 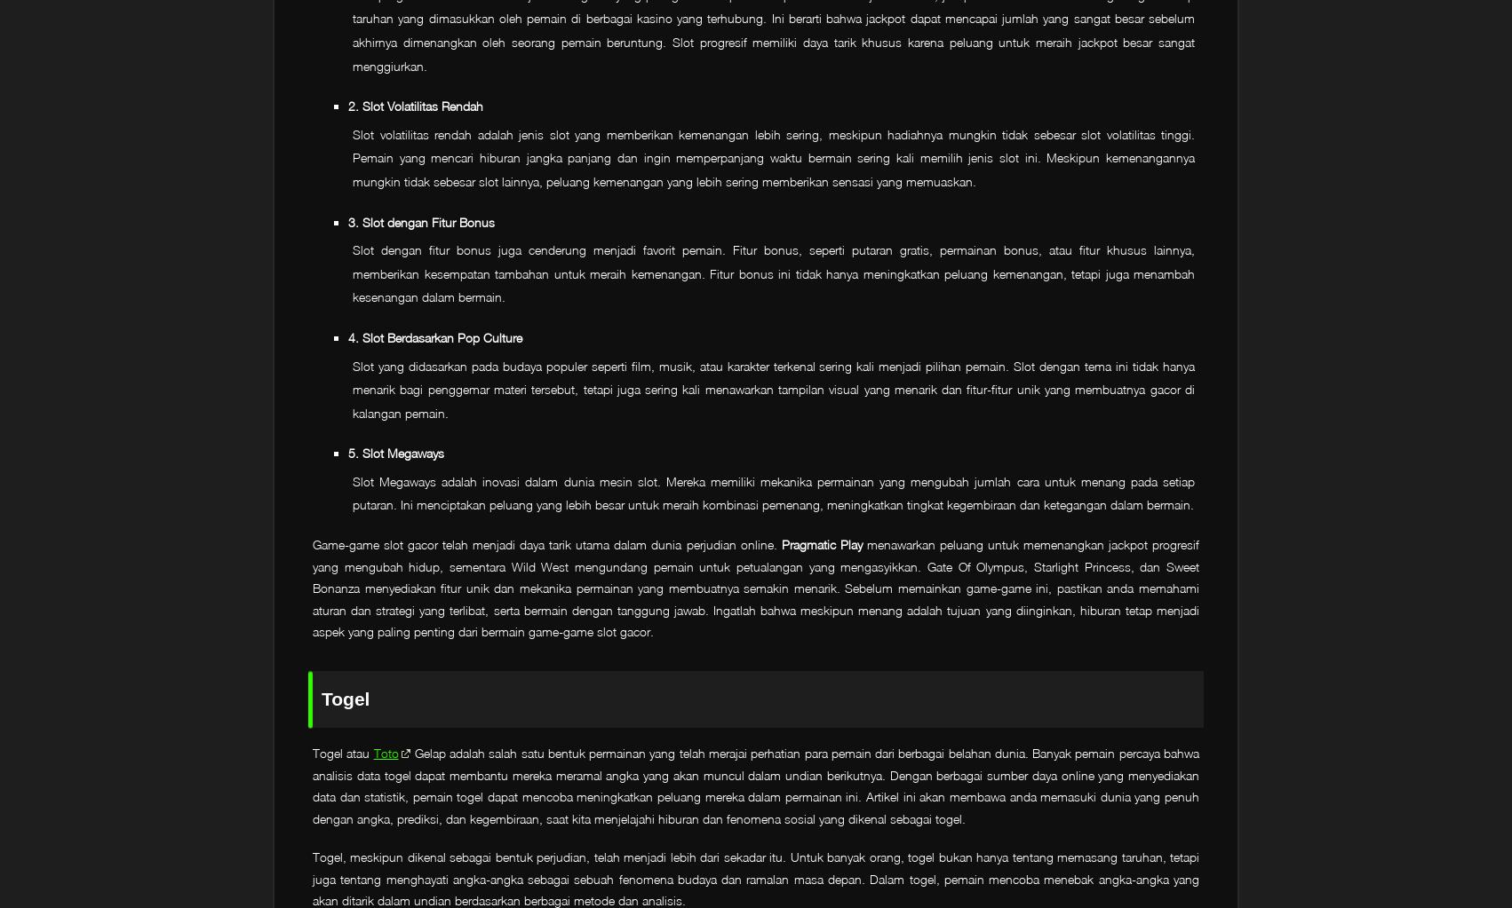 I want to click on 'Game-game slot gacor telah menjadi daya tarik utama dalam dunia perjudian online.', so click(x=546, y=543).